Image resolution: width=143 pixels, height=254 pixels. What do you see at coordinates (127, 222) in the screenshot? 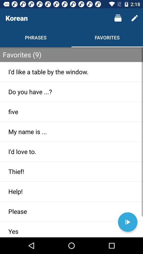
I see `word or phrase` at bounding box center [127, 222].